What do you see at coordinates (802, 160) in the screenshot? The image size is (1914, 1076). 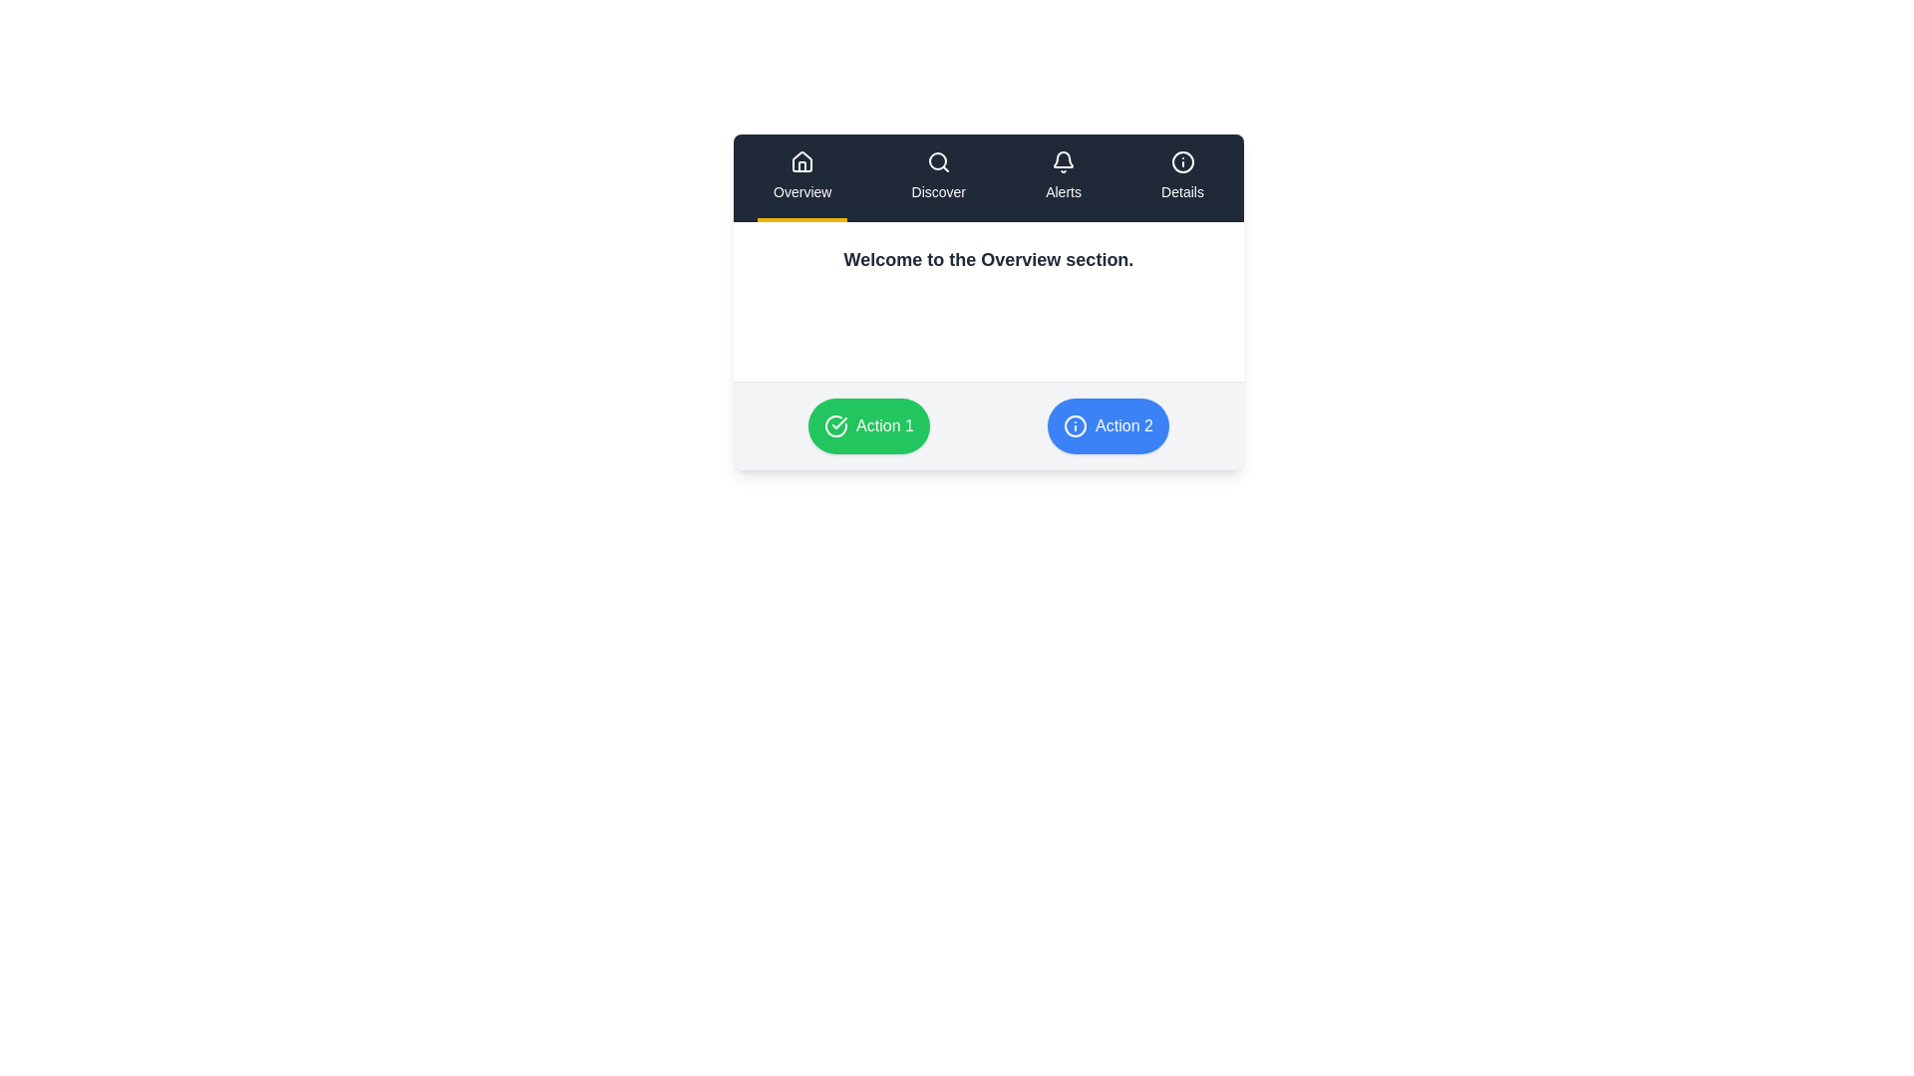 I see `the house icon in the navigation bar` at bounding box center [802, 160].